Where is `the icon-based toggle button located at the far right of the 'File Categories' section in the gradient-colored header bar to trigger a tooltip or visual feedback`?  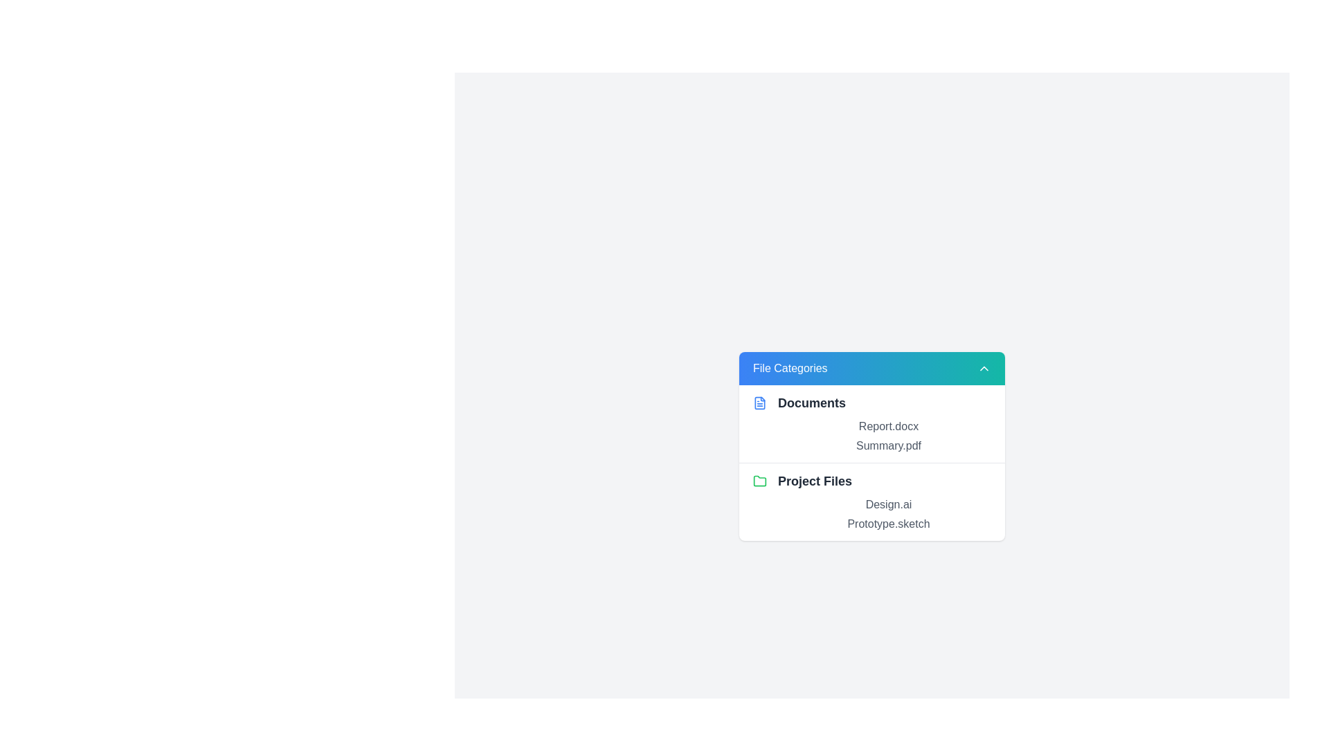
the icon-based toggle button located at the far right of the 'File Categories' section in the gradient-colored header bar to trigger a tooltip or visual feedback is located at coordinates (983, 367).